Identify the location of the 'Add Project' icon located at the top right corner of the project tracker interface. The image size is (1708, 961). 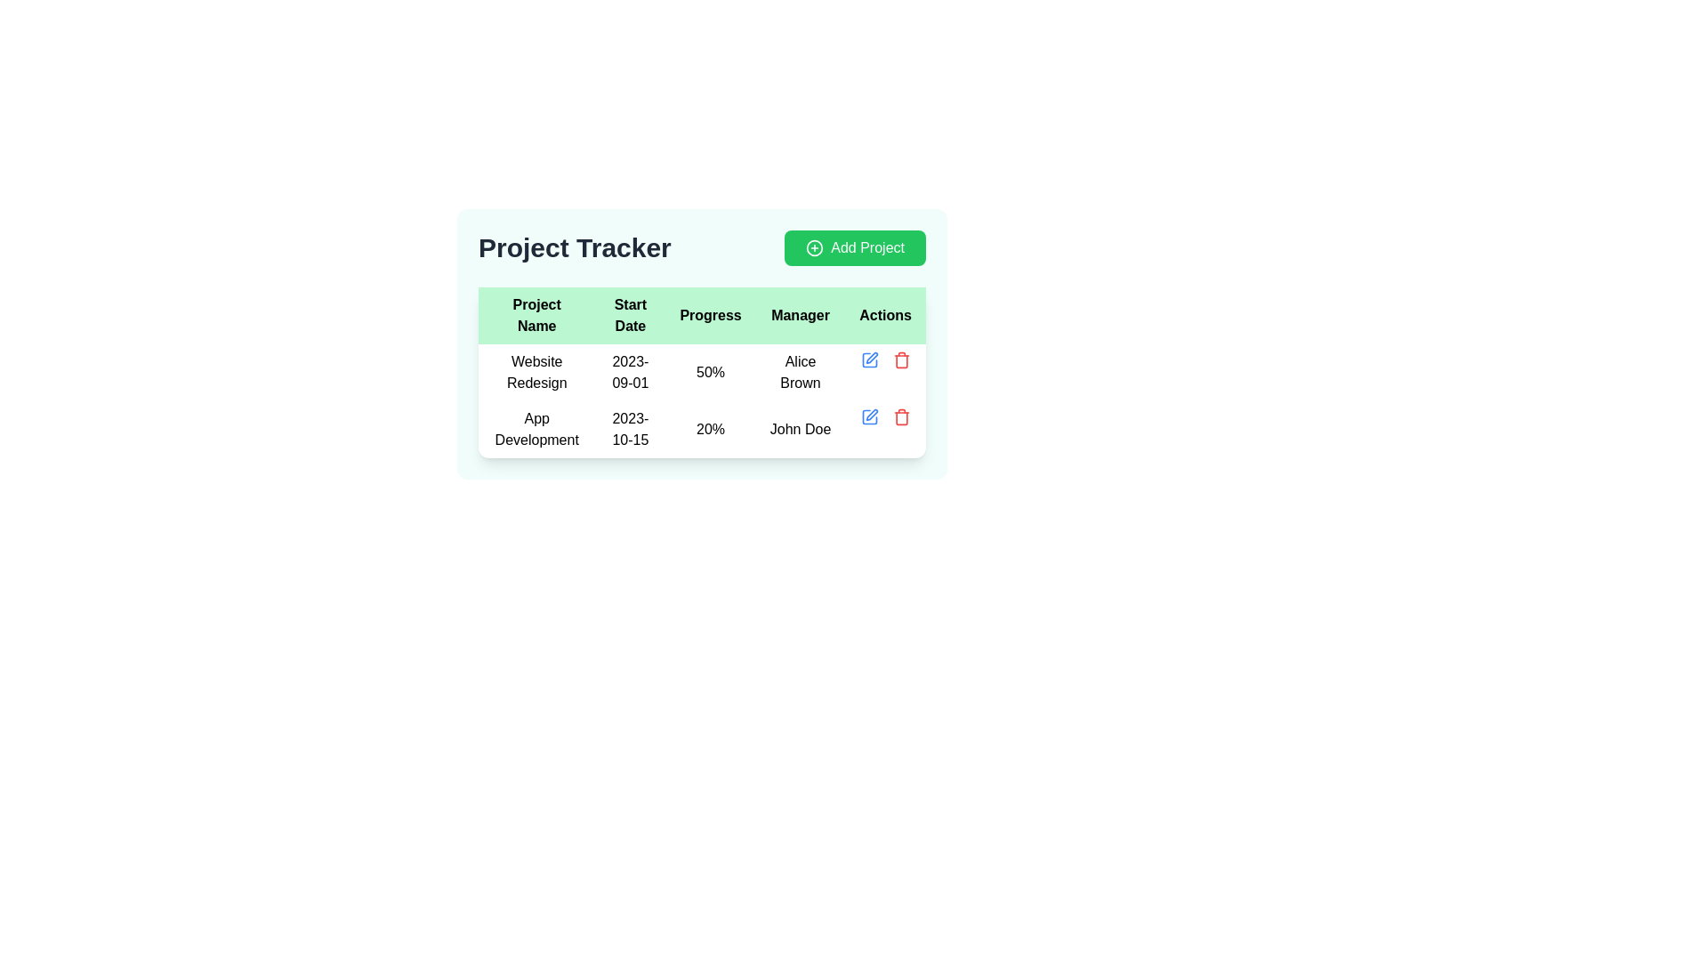
(814, 247).